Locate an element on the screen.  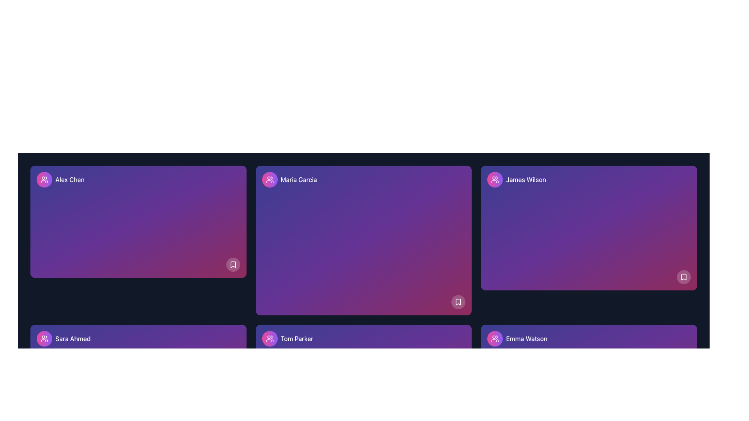
the bookmark button located at the bottom-right corner of the card labeled 'James Wilson' is located at coordinates (683, 276).